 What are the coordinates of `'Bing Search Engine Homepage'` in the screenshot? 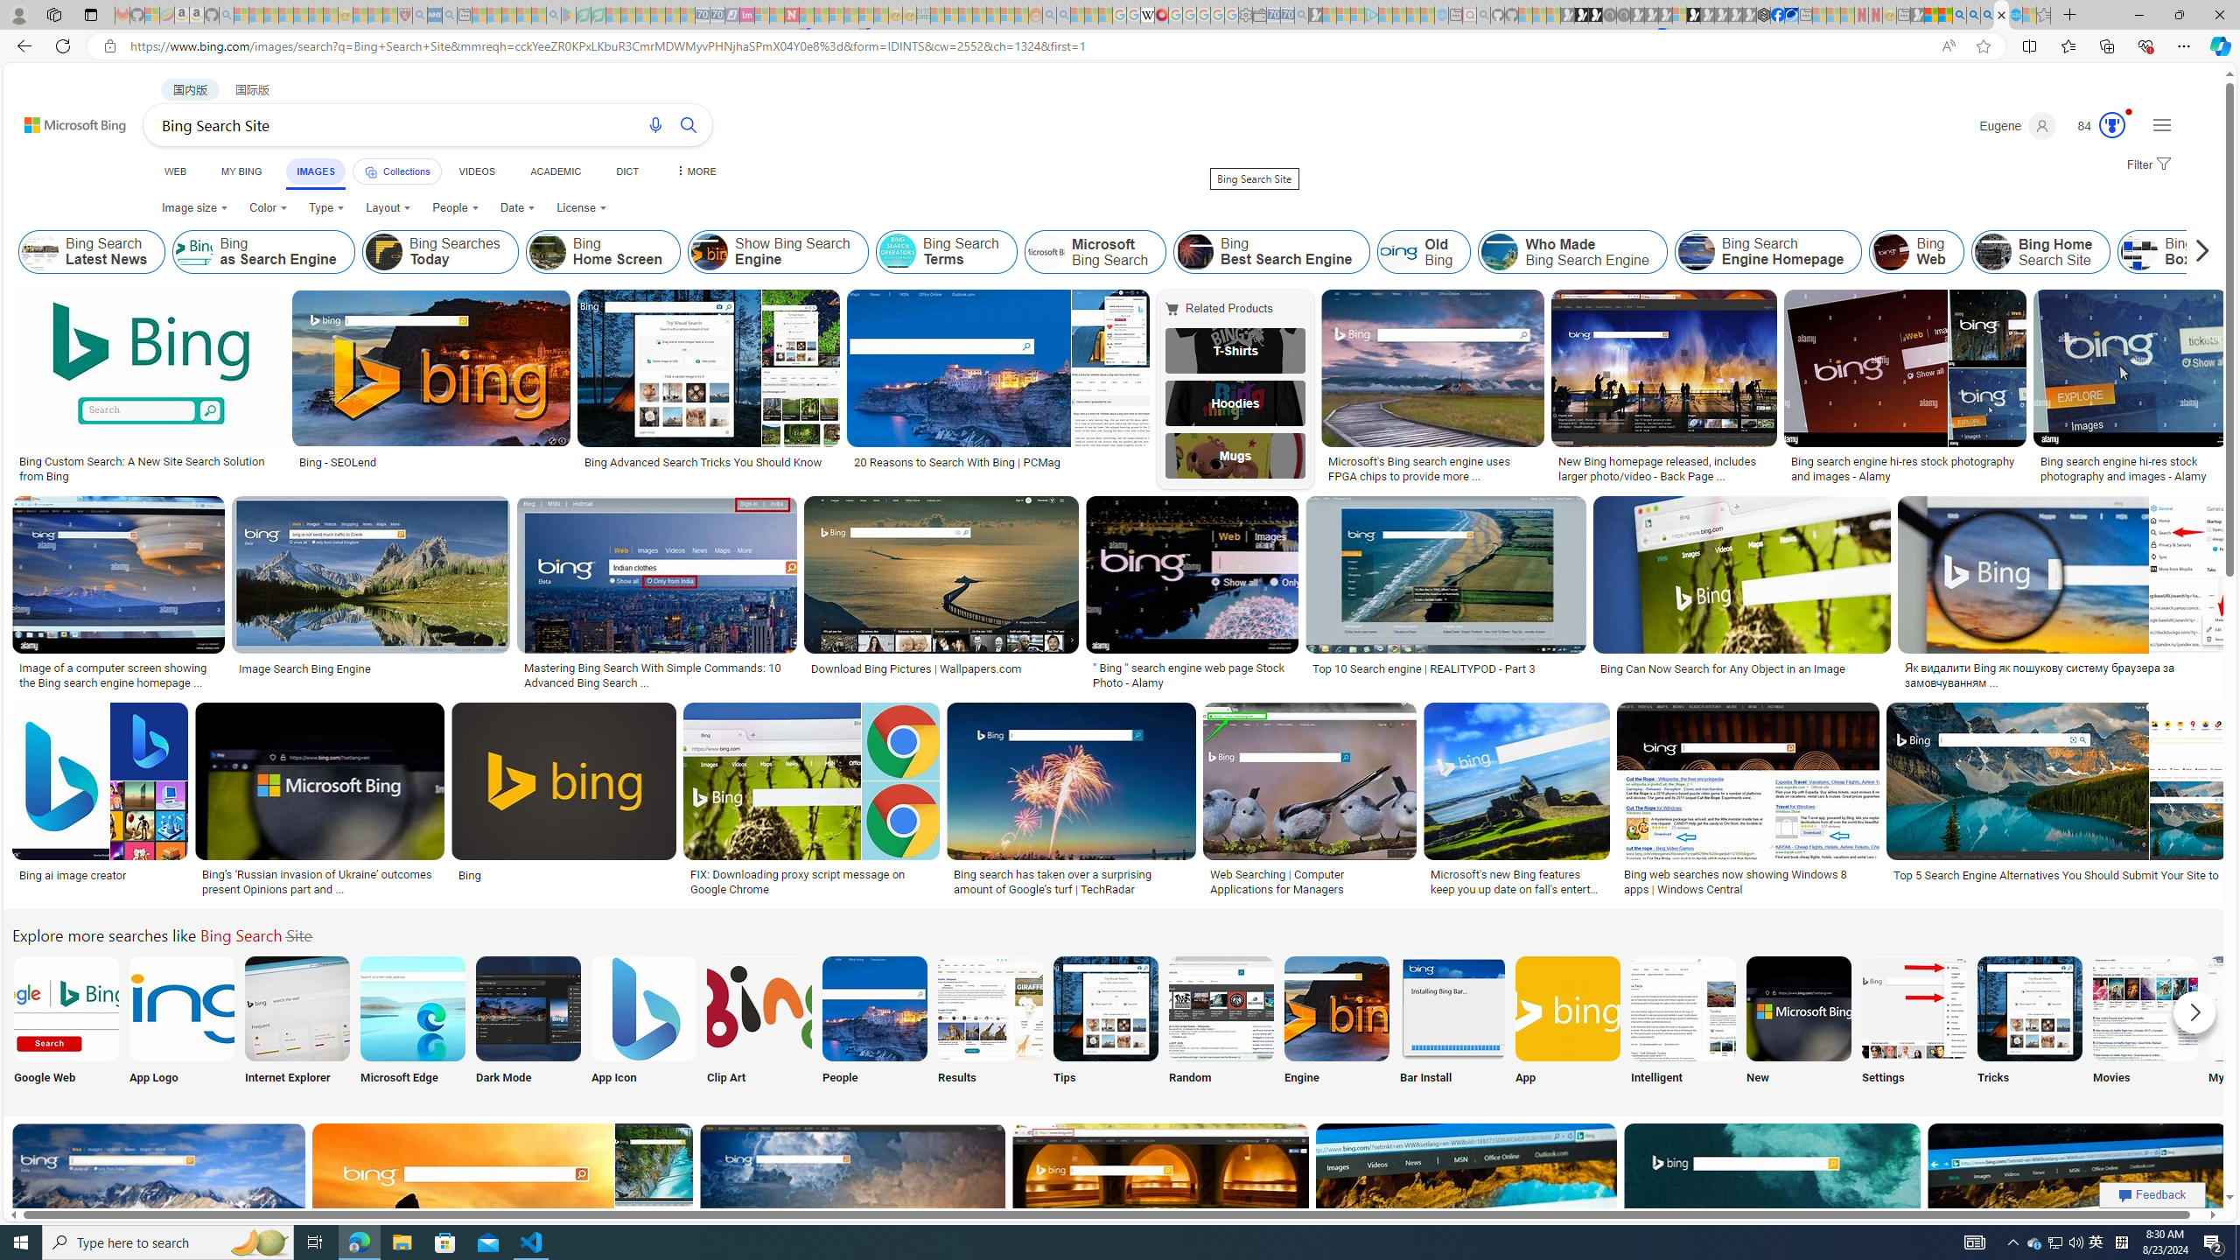 It's located at (1768, 251).